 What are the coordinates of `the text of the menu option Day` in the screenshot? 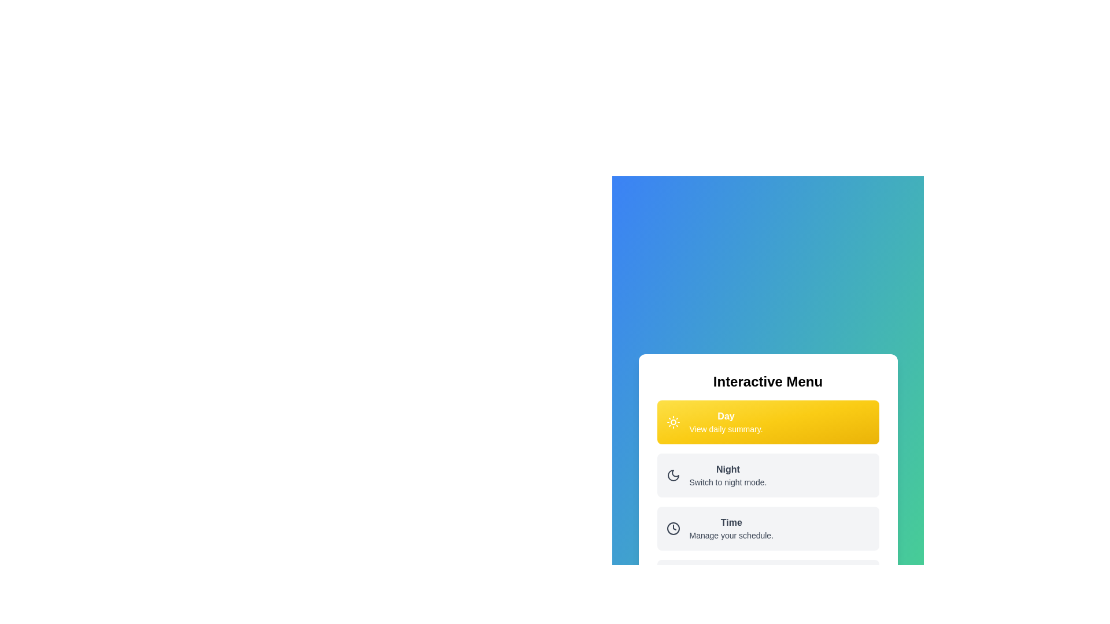 It's located at (726, 422).